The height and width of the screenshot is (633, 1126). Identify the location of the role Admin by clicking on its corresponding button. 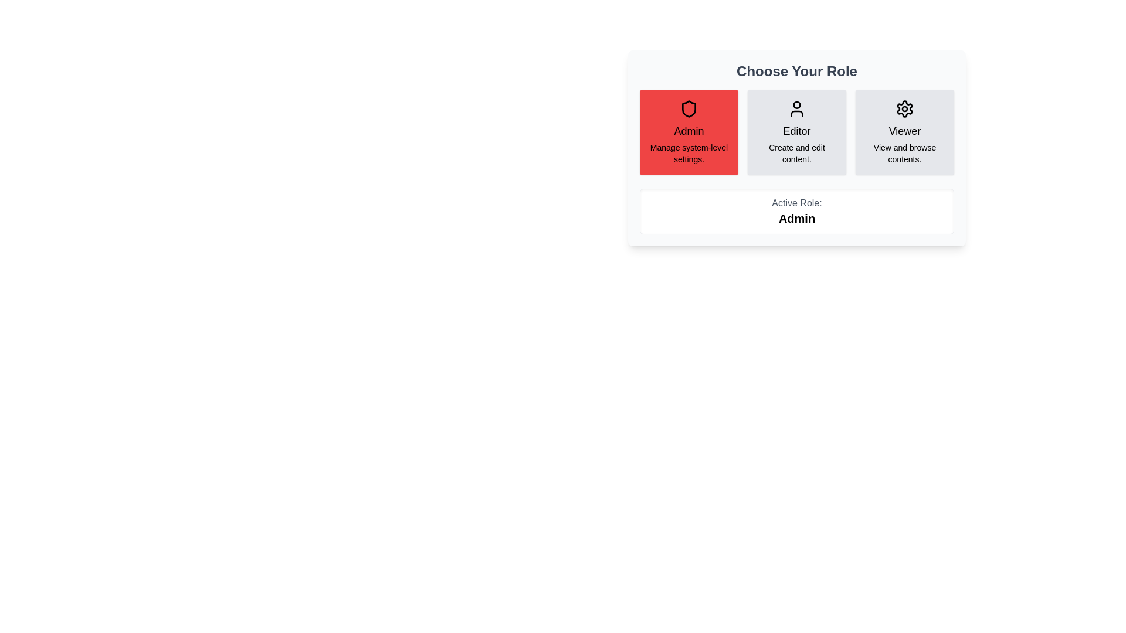
(689, 132).